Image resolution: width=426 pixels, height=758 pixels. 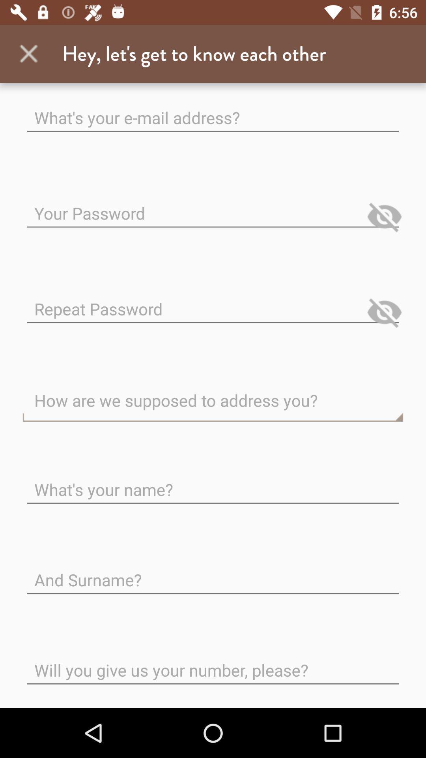 I want to click on fill the password, so click(x=213, y=207).